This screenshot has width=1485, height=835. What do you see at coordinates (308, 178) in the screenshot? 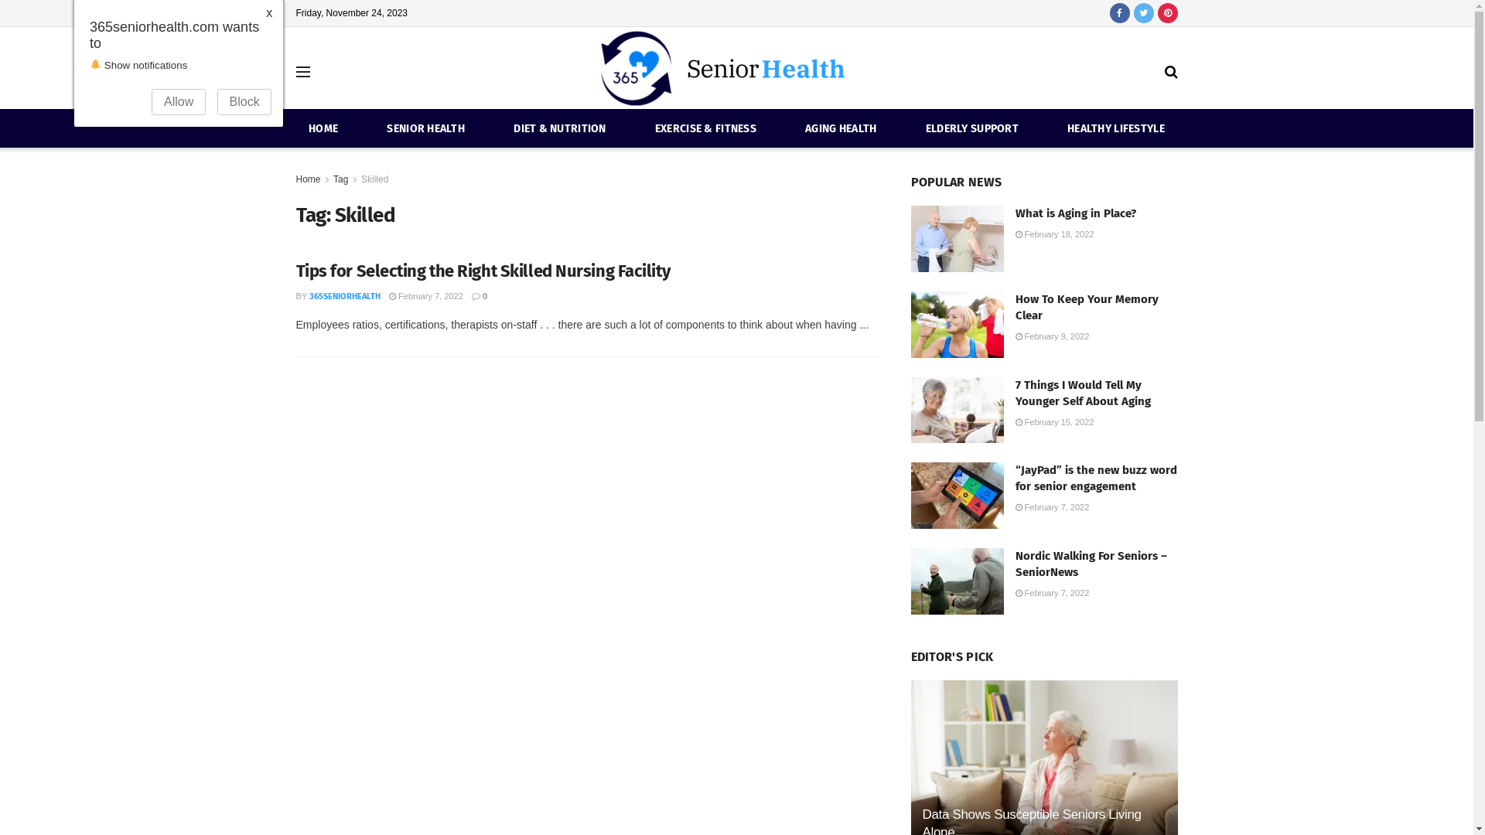
I see `'Home'` at bounding box center [308, 178].